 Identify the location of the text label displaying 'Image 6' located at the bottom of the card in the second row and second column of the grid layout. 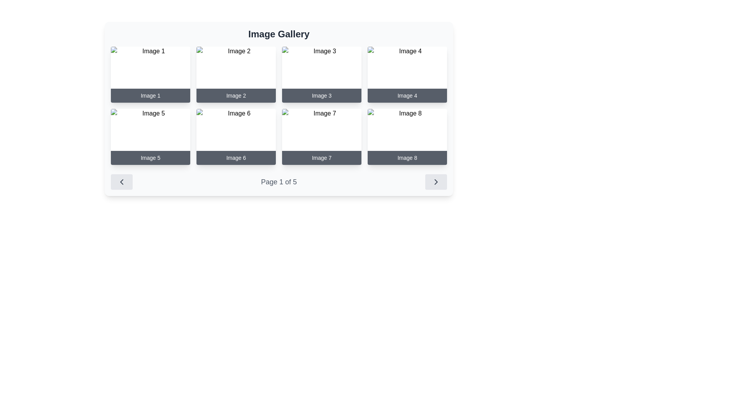
(235, 157).